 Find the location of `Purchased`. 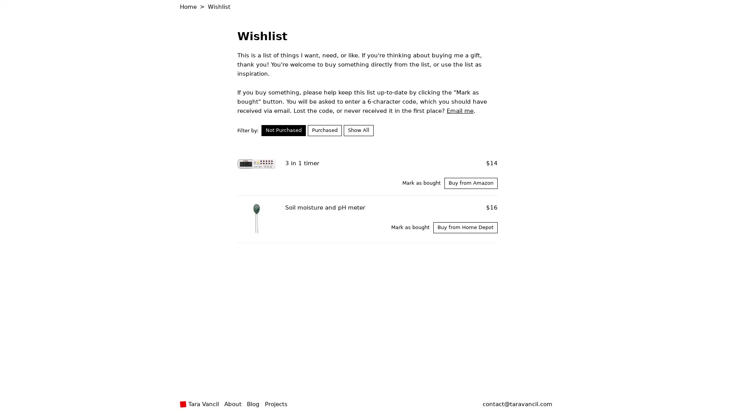

Purchased is located at coordinates (325, 130).